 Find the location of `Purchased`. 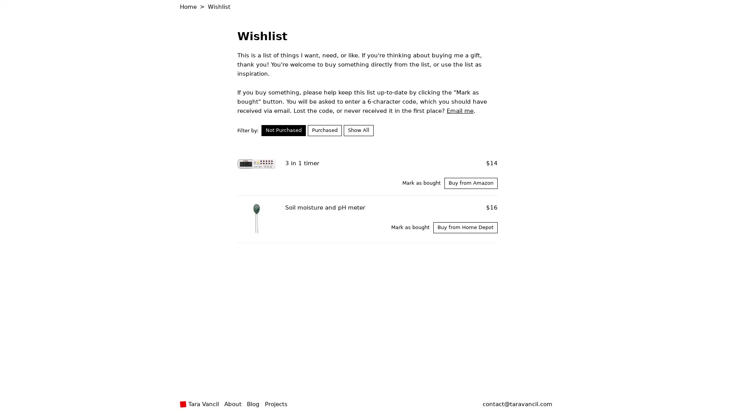

Purchased is located at coordinates (325, 130).